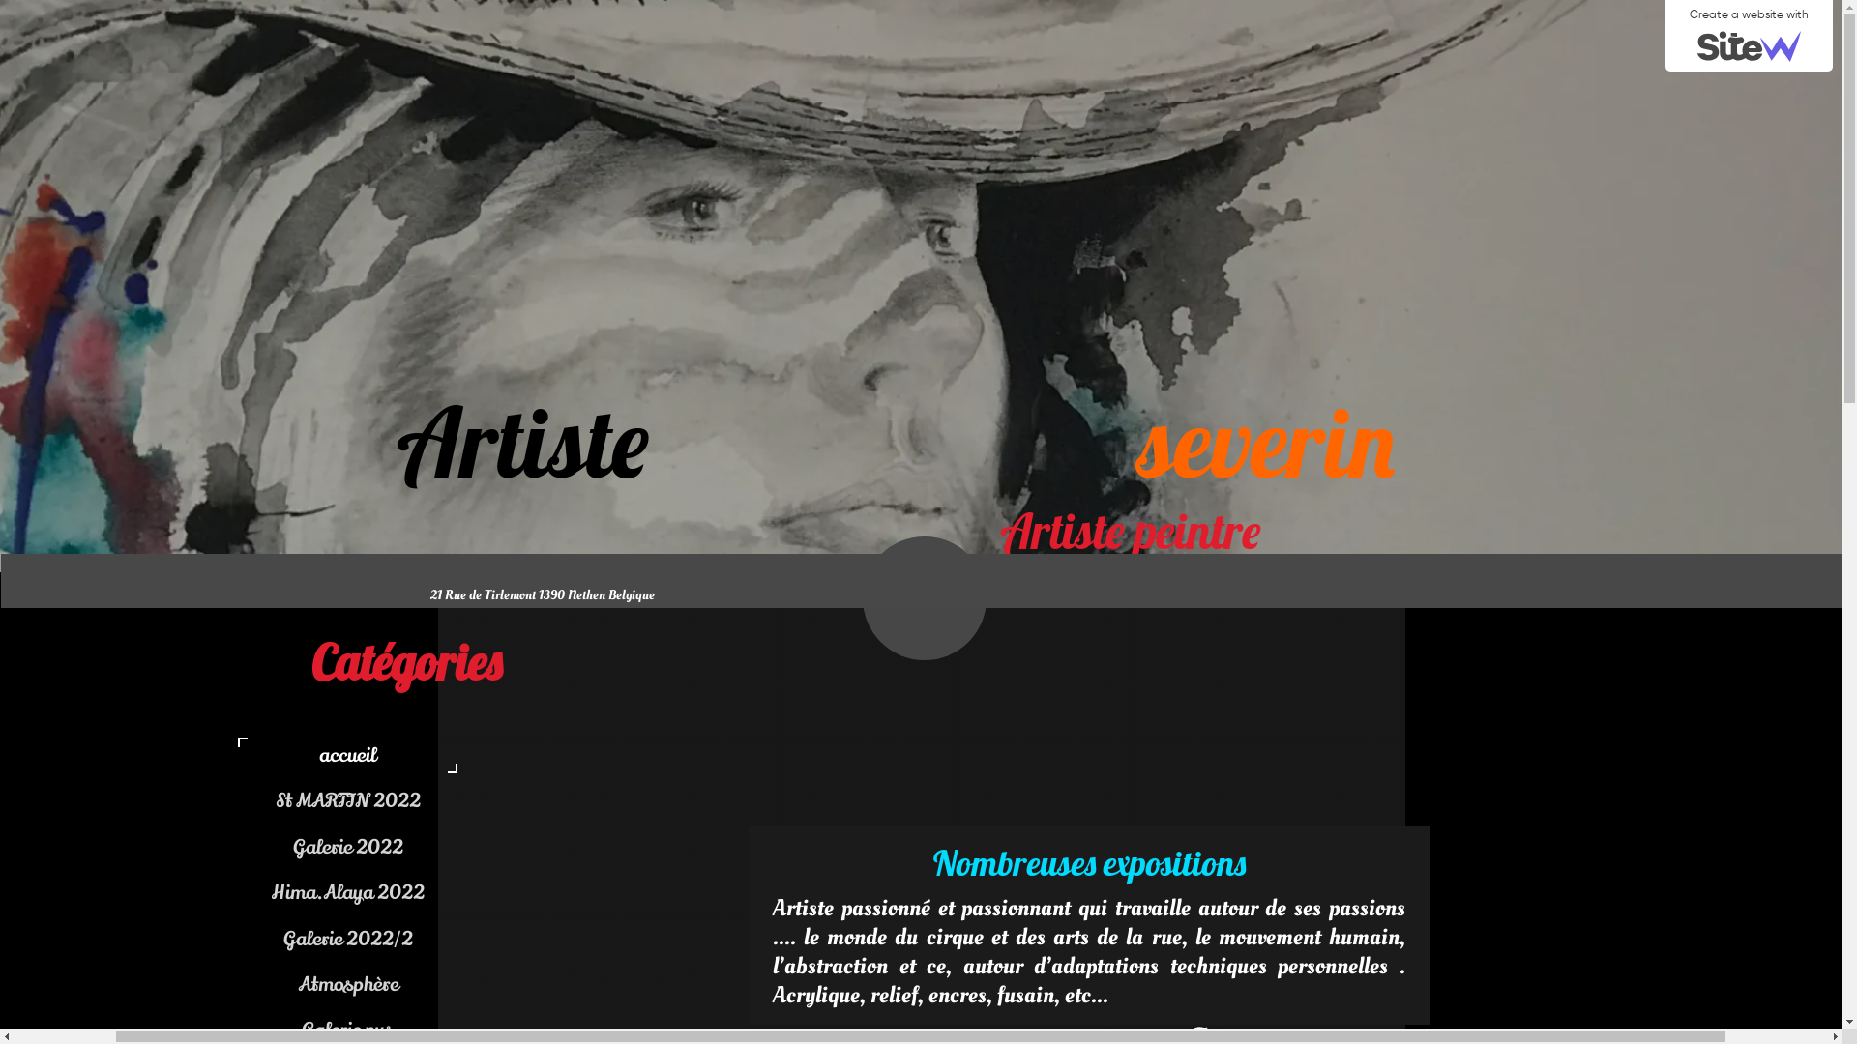 This screenshot has height=1044, width=1857. What do you see at coordinates (462, 800) in the screenshot?
I see `'St MARTIN 2022'` at bounding box center [462, 800].